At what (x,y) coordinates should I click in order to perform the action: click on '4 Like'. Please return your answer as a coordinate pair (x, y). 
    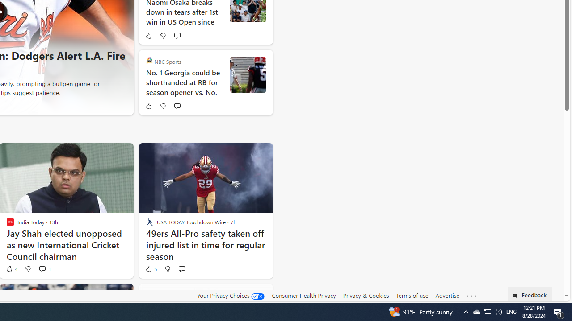
    Looking at the image, I should click on (11, 268).